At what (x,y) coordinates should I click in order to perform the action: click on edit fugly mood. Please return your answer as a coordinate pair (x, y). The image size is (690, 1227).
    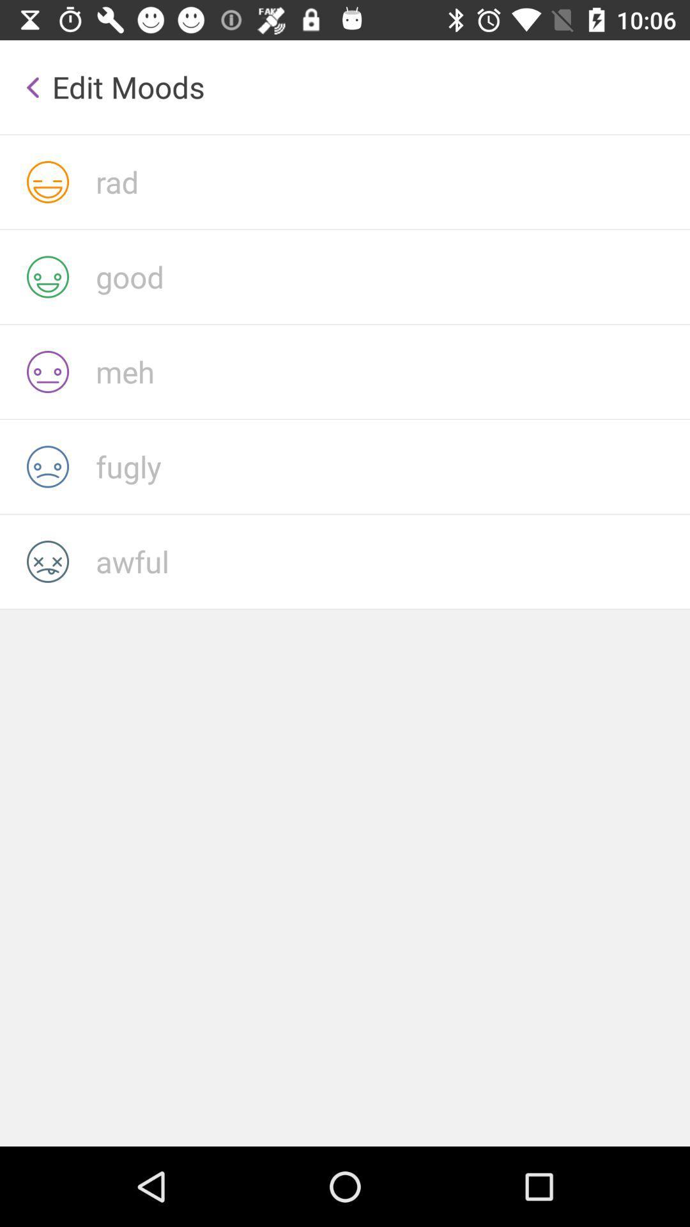
    Looking at the image, I should click on (392, 466).